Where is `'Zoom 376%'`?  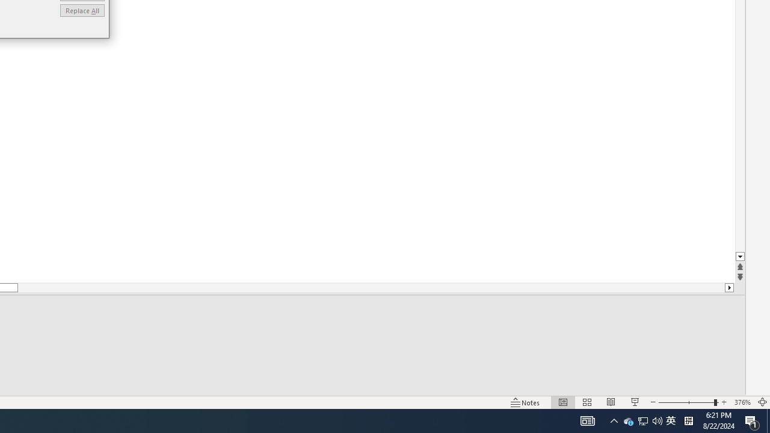 'Zoom 376%' is located at coordinates (742, 402).